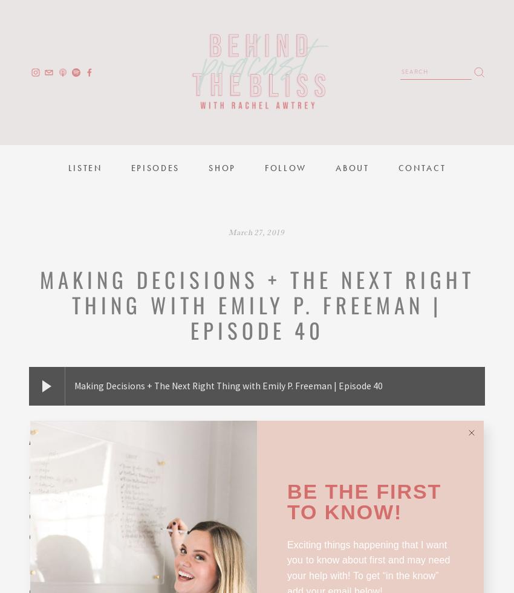 The height and width of the screenshot is (593, 514). I want to click on 'Follow', so click(285, 167).